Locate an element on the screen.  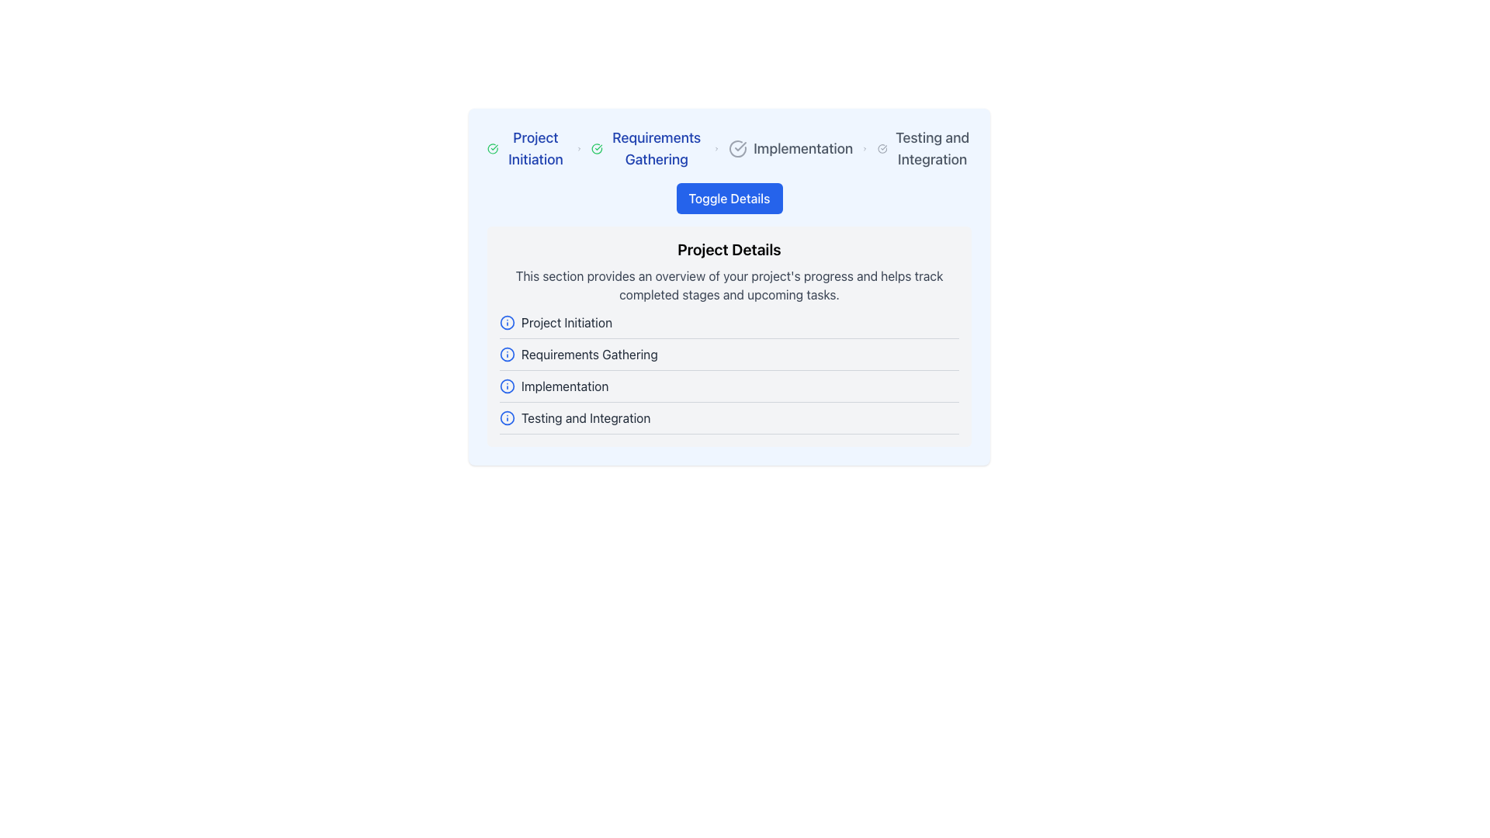
the 'Implementation' list item in the Project Details section is located at coordinates (729, 389).